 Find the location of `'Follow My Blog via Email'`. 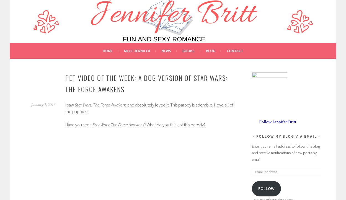

'Follow My Blog via Email' is located at coordinates (256, 136).